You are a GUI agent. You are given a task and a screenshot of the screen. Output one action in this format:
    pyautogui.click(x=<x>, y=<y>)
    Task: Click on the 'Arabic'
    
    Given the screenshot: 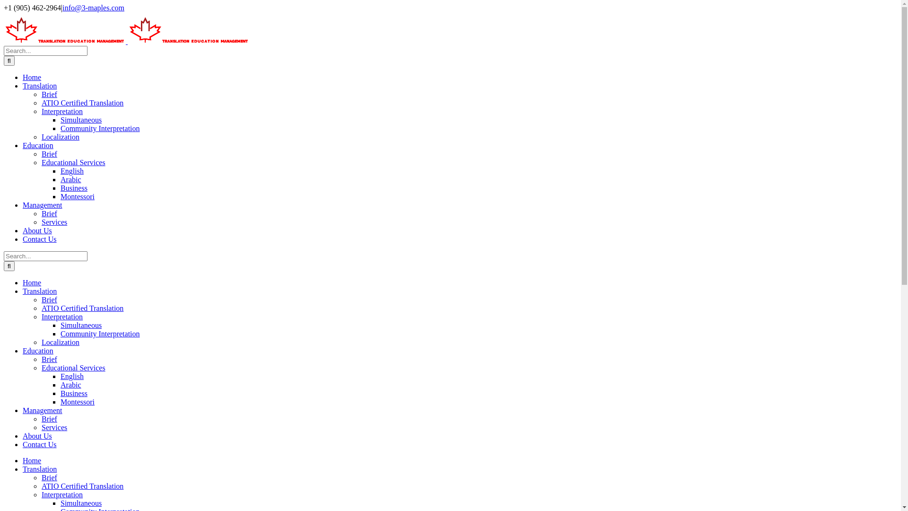 What is the action you would take?
    pyautogui.click(x=70, y=179)
    